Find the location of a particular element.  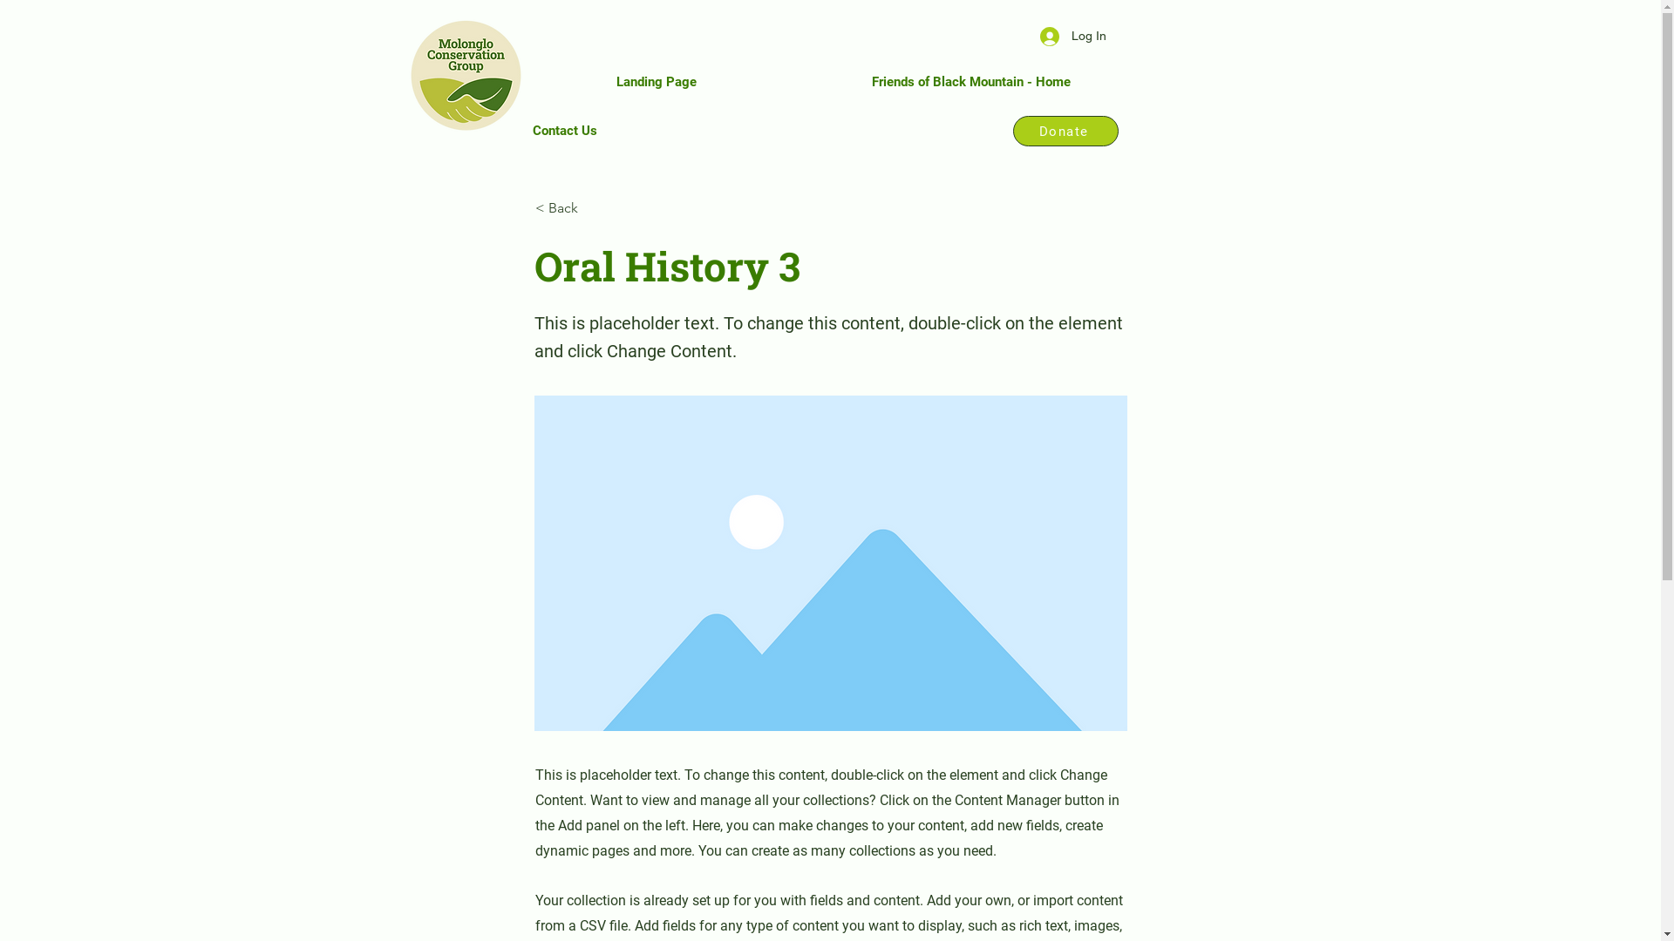

'Donate' is located at coordinates (1012, 130).